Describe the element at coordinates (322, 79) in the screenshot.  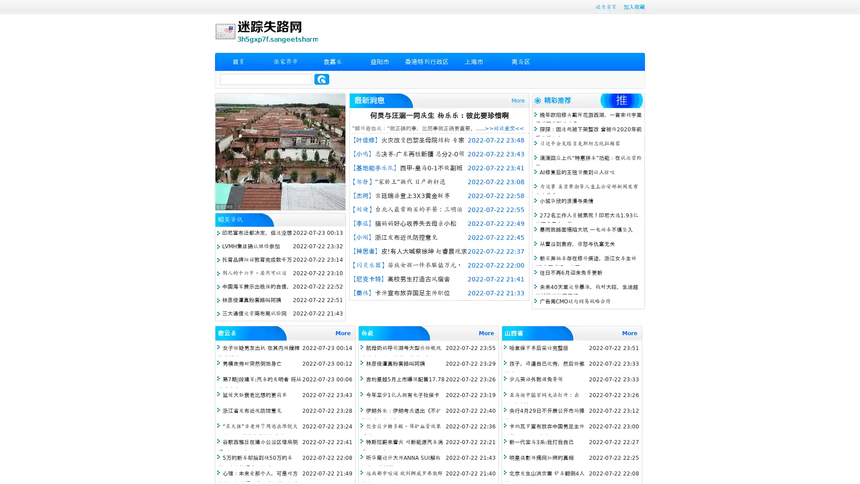
I see `Search` at that location.